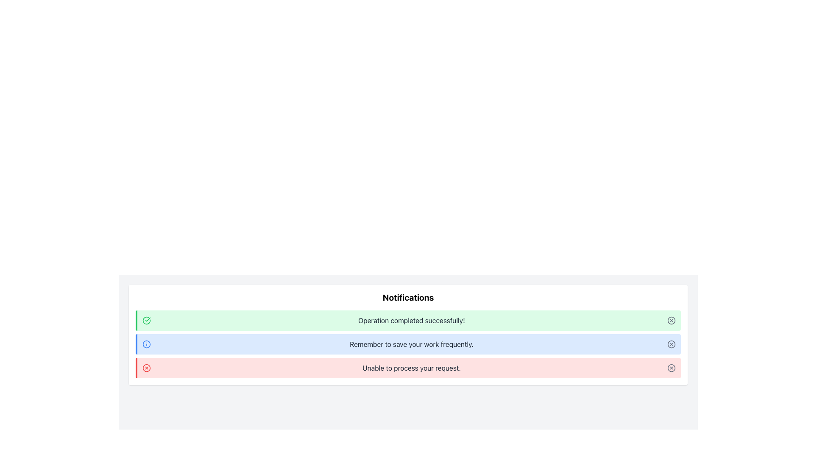 This screenshot has width=814, height=458. I want to click on the circular red-bordered icon with a white background and red 'X' in the notification bar indicating 'Unable to process your request.' This icon is located on the left side of the notification bar as the first element, so click(146, 367).